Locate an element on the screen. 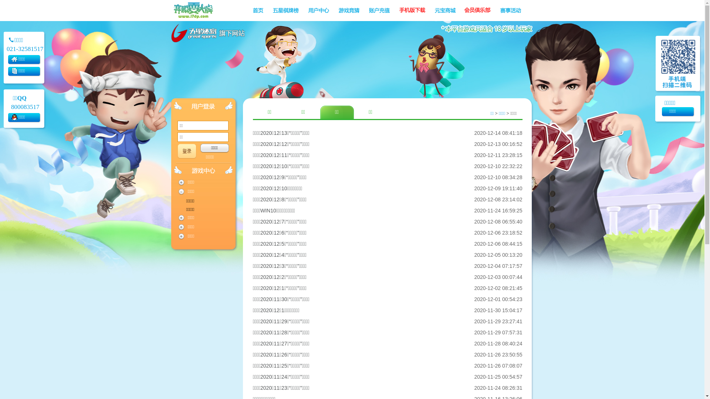 This screenshot has width=710, height=399. '+' is located at coordinates (181, 182).